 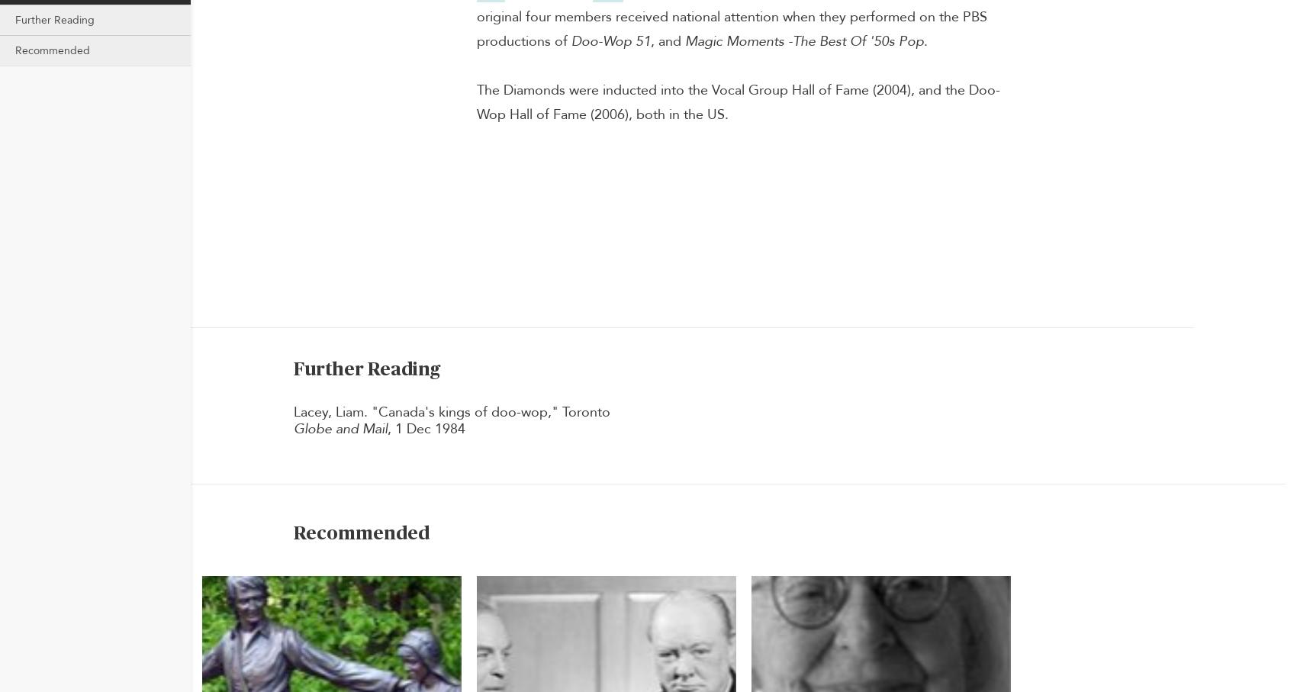 I want to click on 'The Canadian Encyclopedia © 2023', so click(x=195, y=103).